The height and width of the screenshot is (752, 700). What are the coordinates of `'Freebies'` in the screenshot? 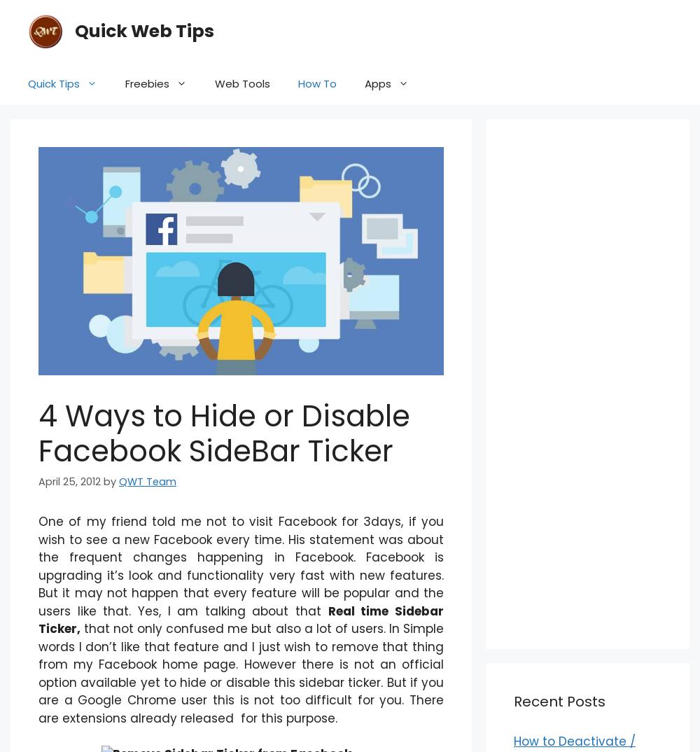 It's located at (146, 83).